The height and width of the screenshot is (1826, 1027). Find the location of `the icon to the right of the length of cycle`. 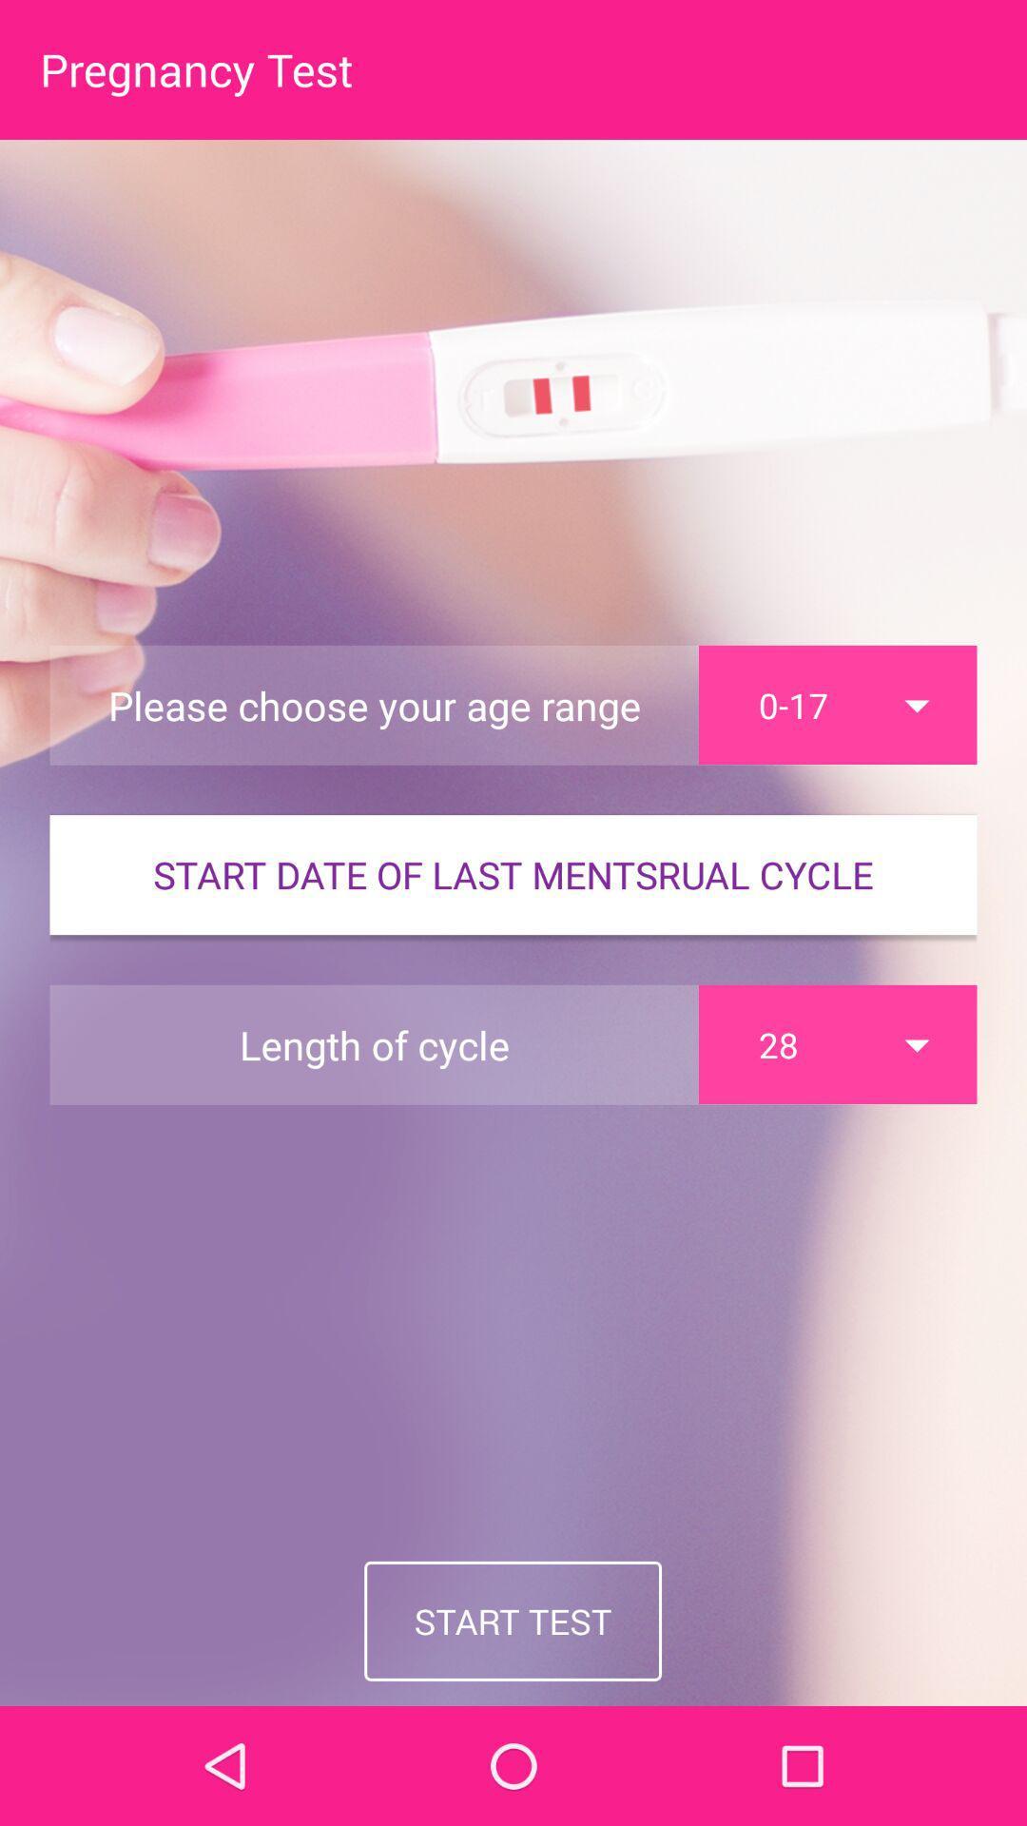

the icon to the right of the length of cycle is located at coordinates (837, 1043).